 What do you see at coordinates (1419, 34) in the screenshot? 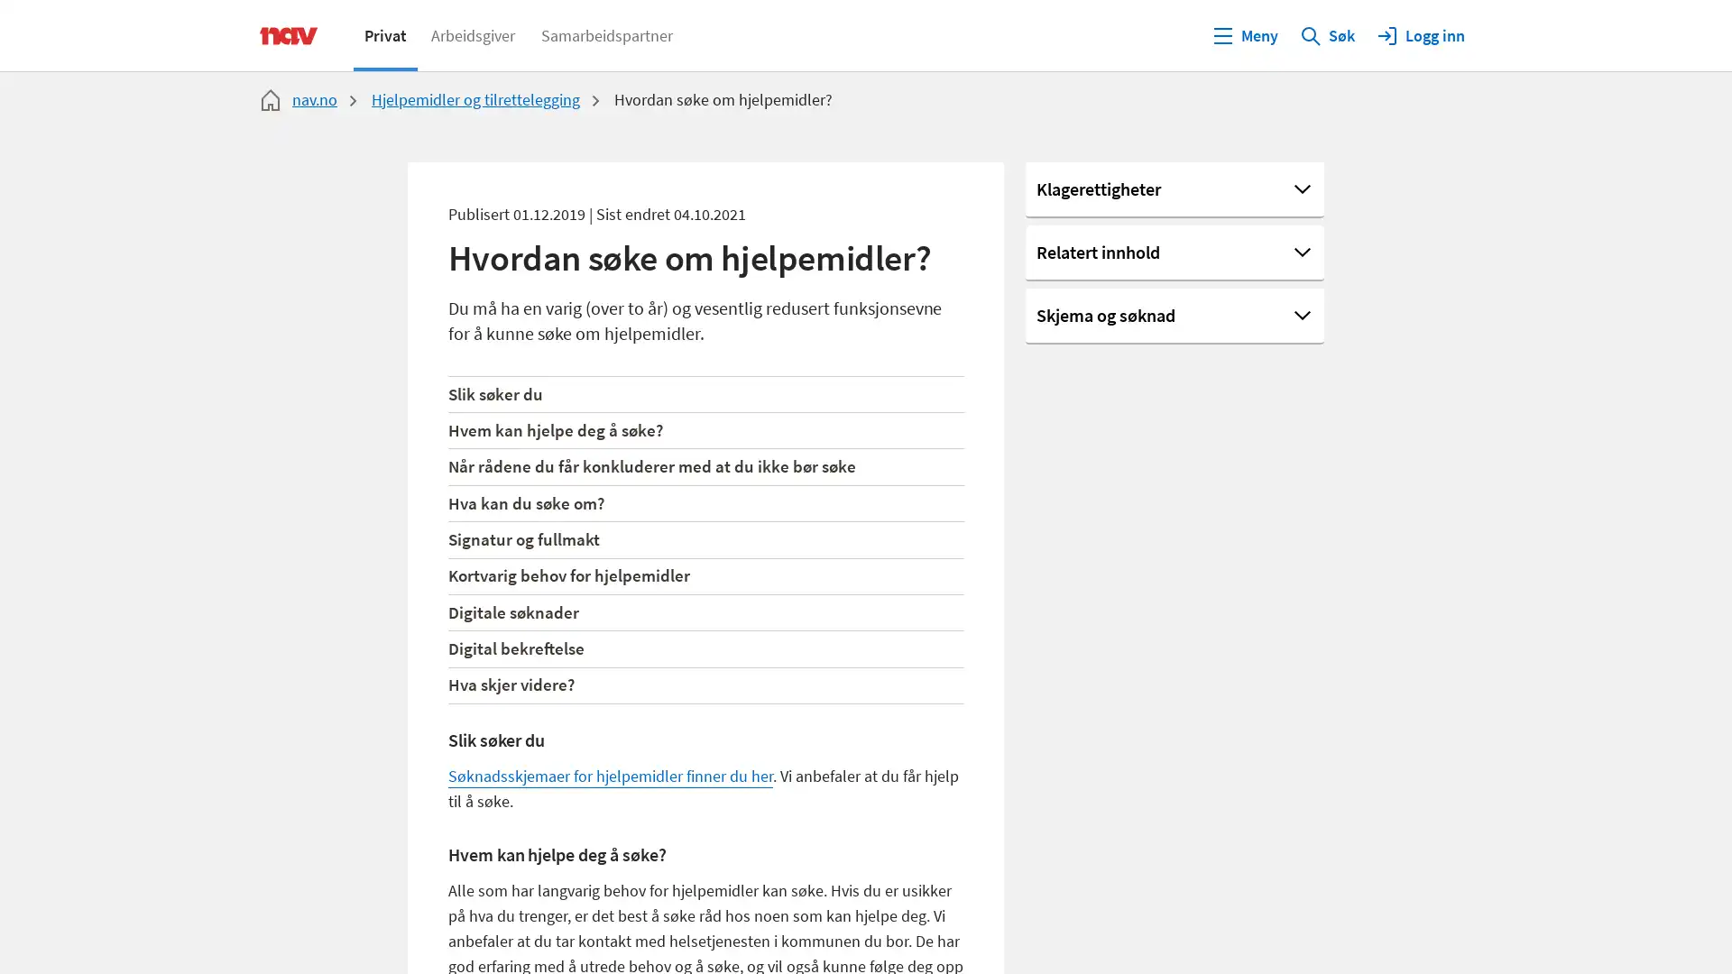
I see `Logg inn` at bounding box center [1419, 34].